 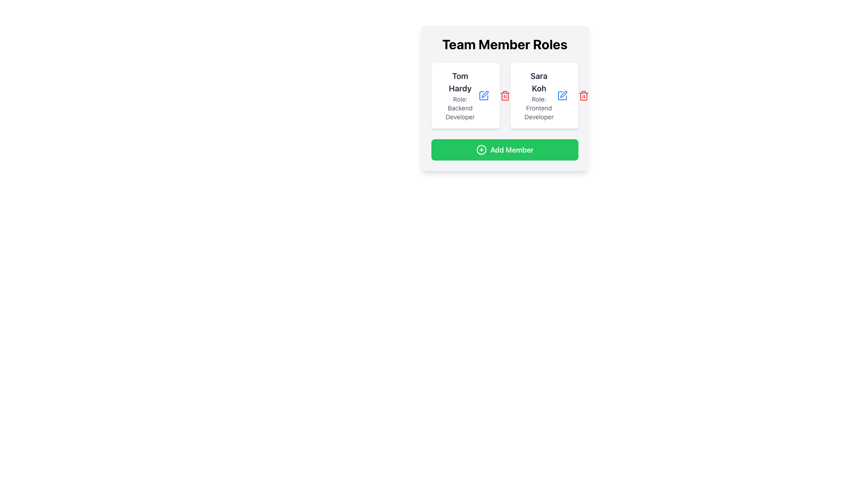 What do you see at coordinates (460, 107) in the screenshot?
I see `role displayed in the Label element that says 'Role: Backend Developer', located beneath 'Tom Hardy' in the first member card` at bounding box center [460, 107].